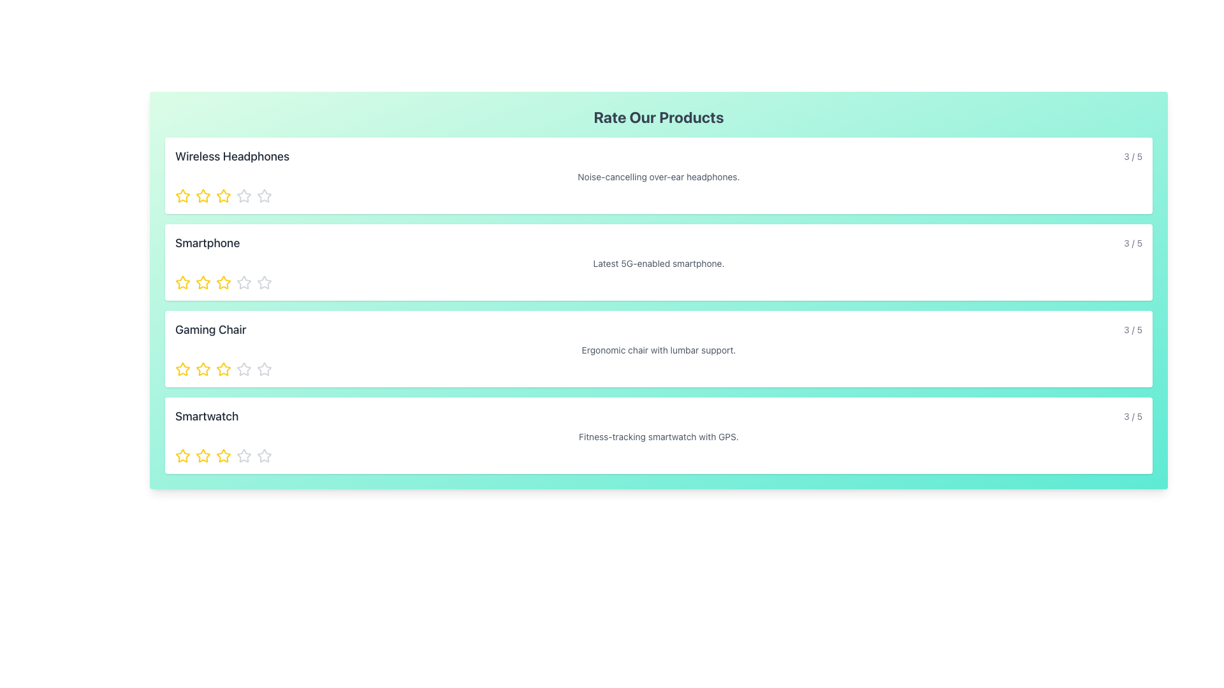 This screenshot has width=1224, height=688. Describe the element at coordinates (244, 369) in the screenshot. I see `the fourth star` at that location.